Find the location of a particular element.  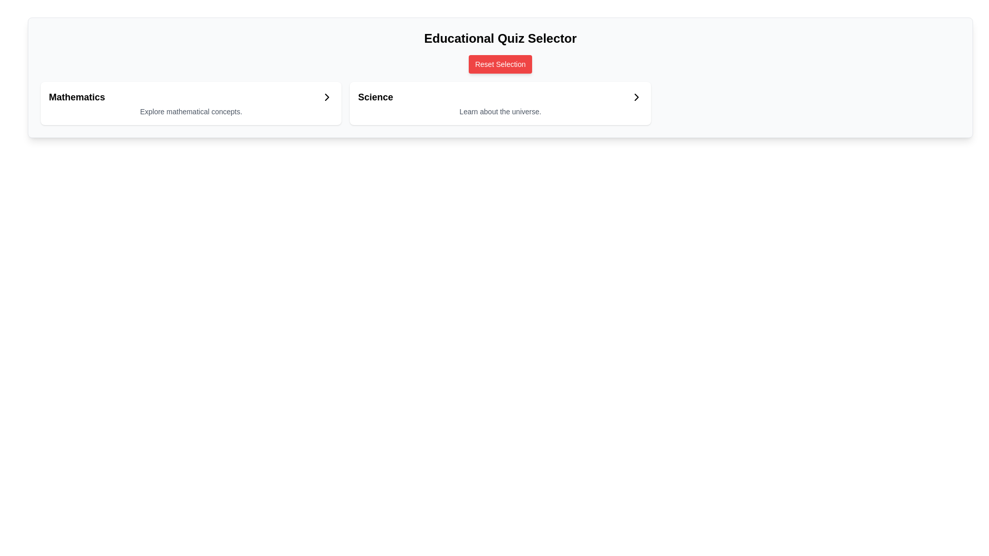

the selectable option to navigate to the 'Science' section for keyboard accessibility, located between the title 'Educational Quiz Selector' and the description text 'Learn about the universe.' is located at coordinates (500, 97).